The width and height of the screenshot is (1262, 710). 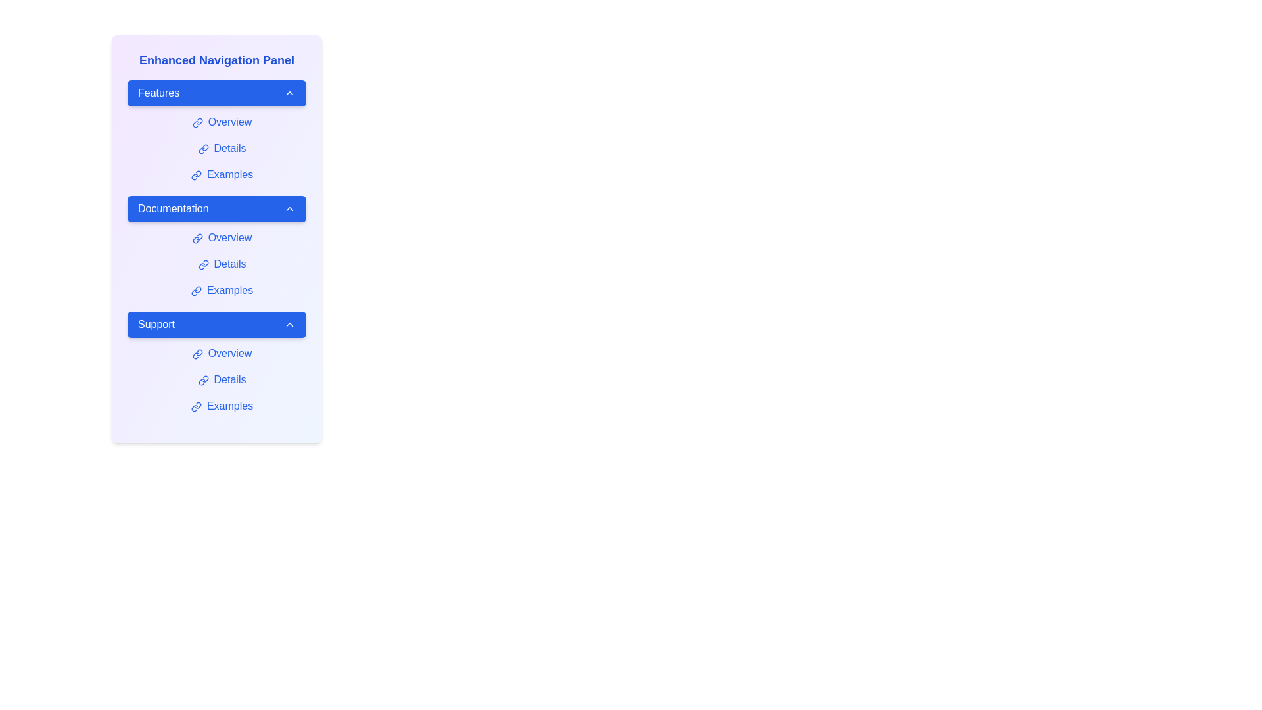 What do you see at coordinates (222, 405) in the screenshot?
I see `the hyperlink in the 'Support' section of the navigation panel` at bounding box center [222, 405].